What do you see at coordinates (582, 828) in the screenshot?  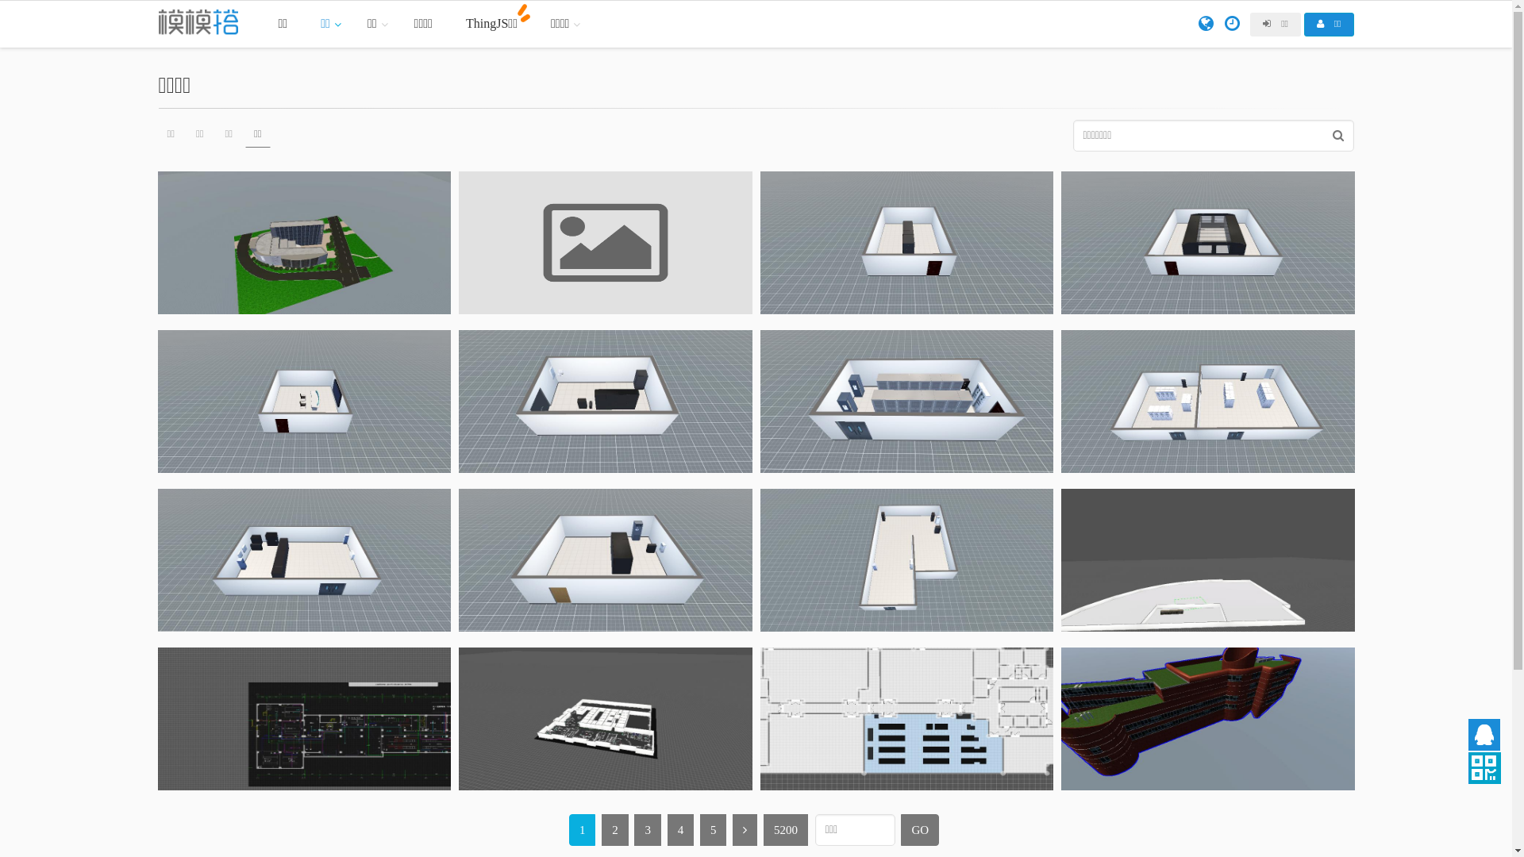 I see `'1'` at bounding box center [582, 828].